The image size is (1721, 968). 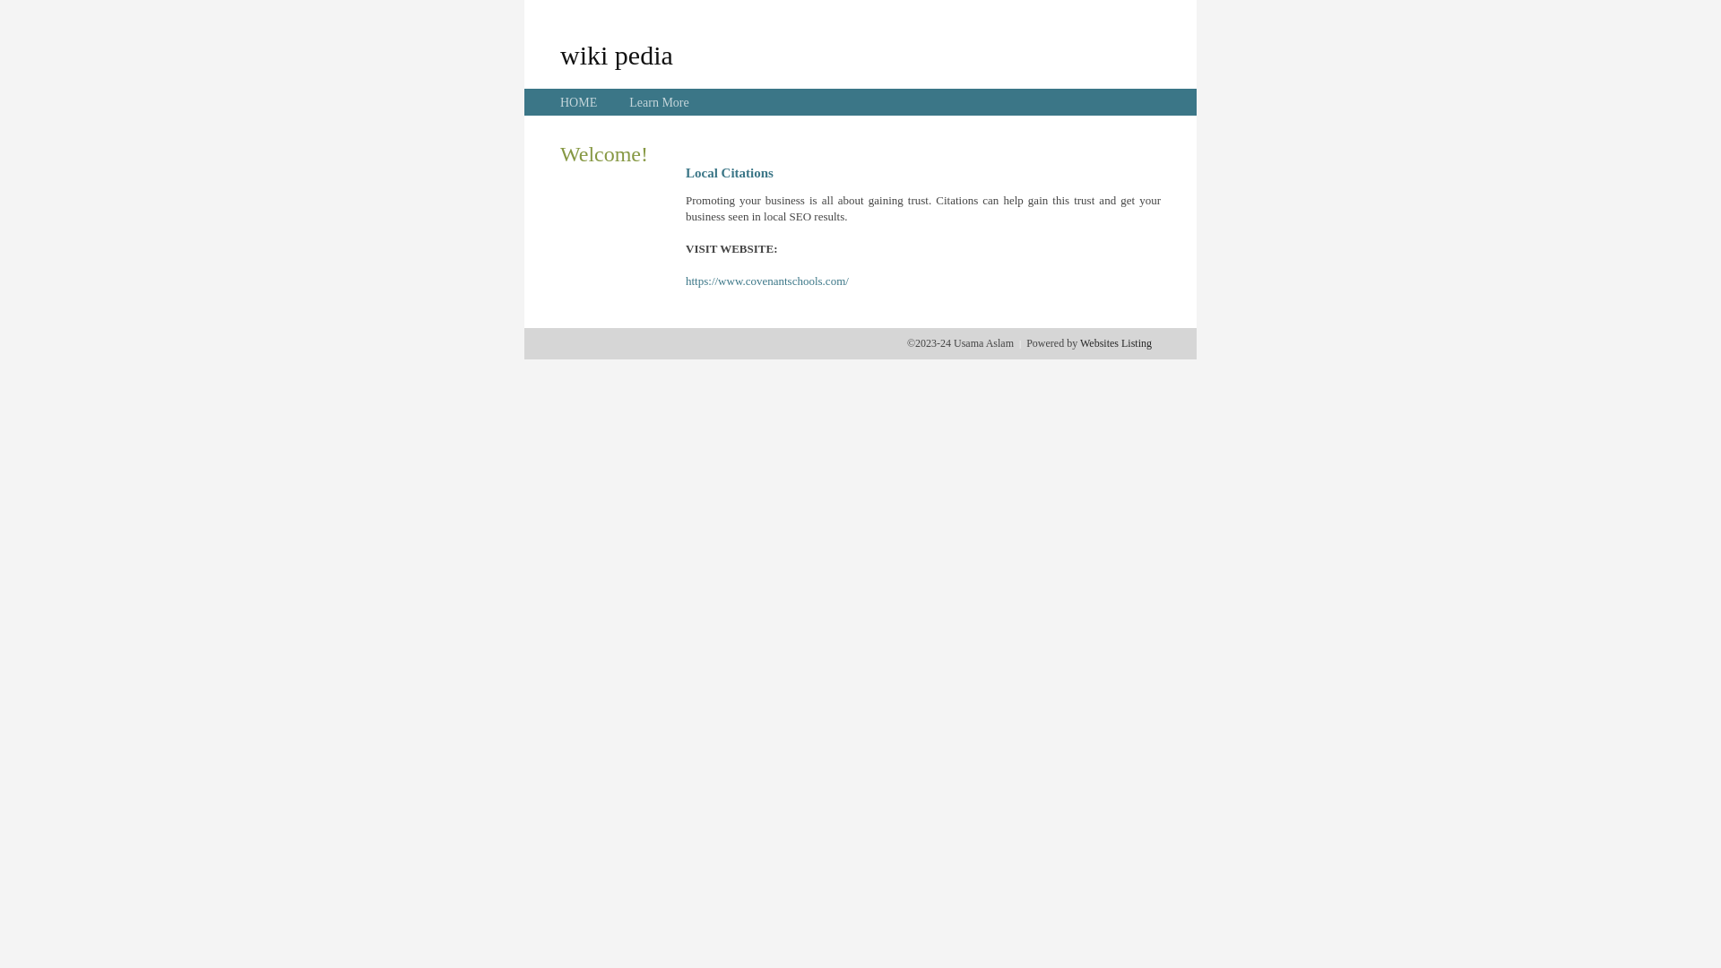 I want to click on 'wiki pedia', so click(x=558, y=54).